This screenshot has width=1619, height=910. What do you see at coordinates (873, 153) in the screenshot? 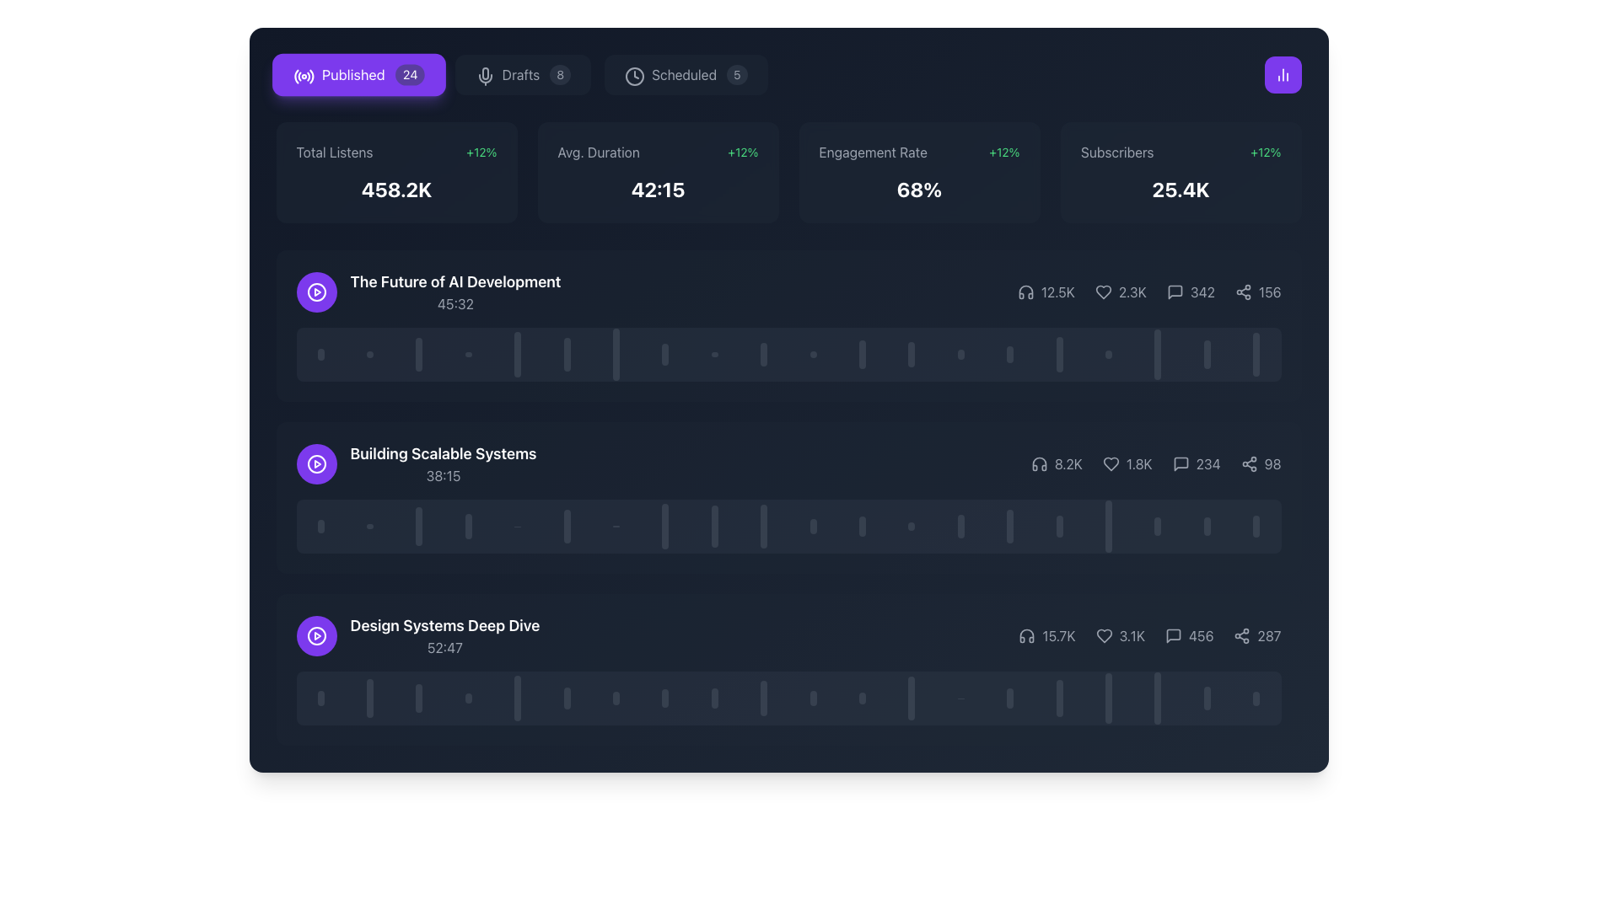
I see `the left-aligned text label that describes the metric displayed below it, which is part of a larger statistics display in the third box from the left` at bounding box center [873, 153].